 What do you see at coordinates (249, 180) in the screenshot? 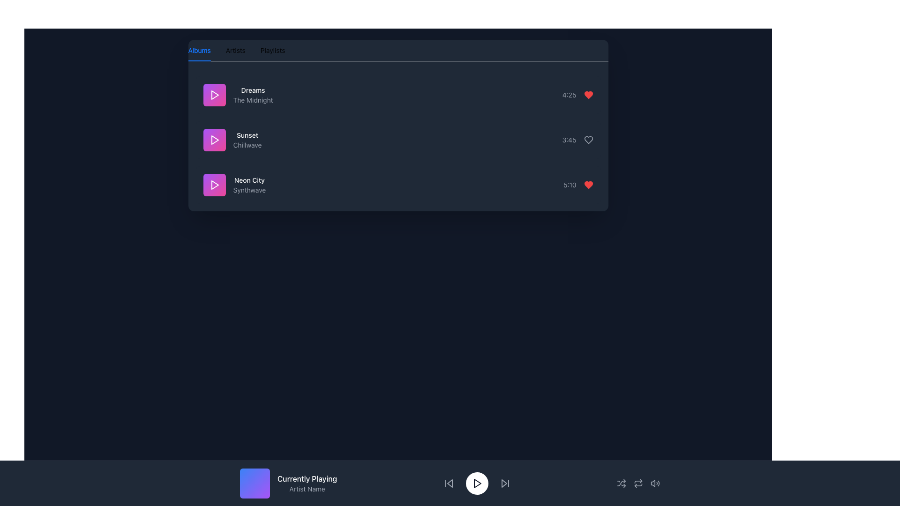
I see `text of the title label displaying the name of the song or album, which is positioned above the subtitle 'Synthwave' in the third entry of a vertically stacked list` at bounding box center [249, 180].